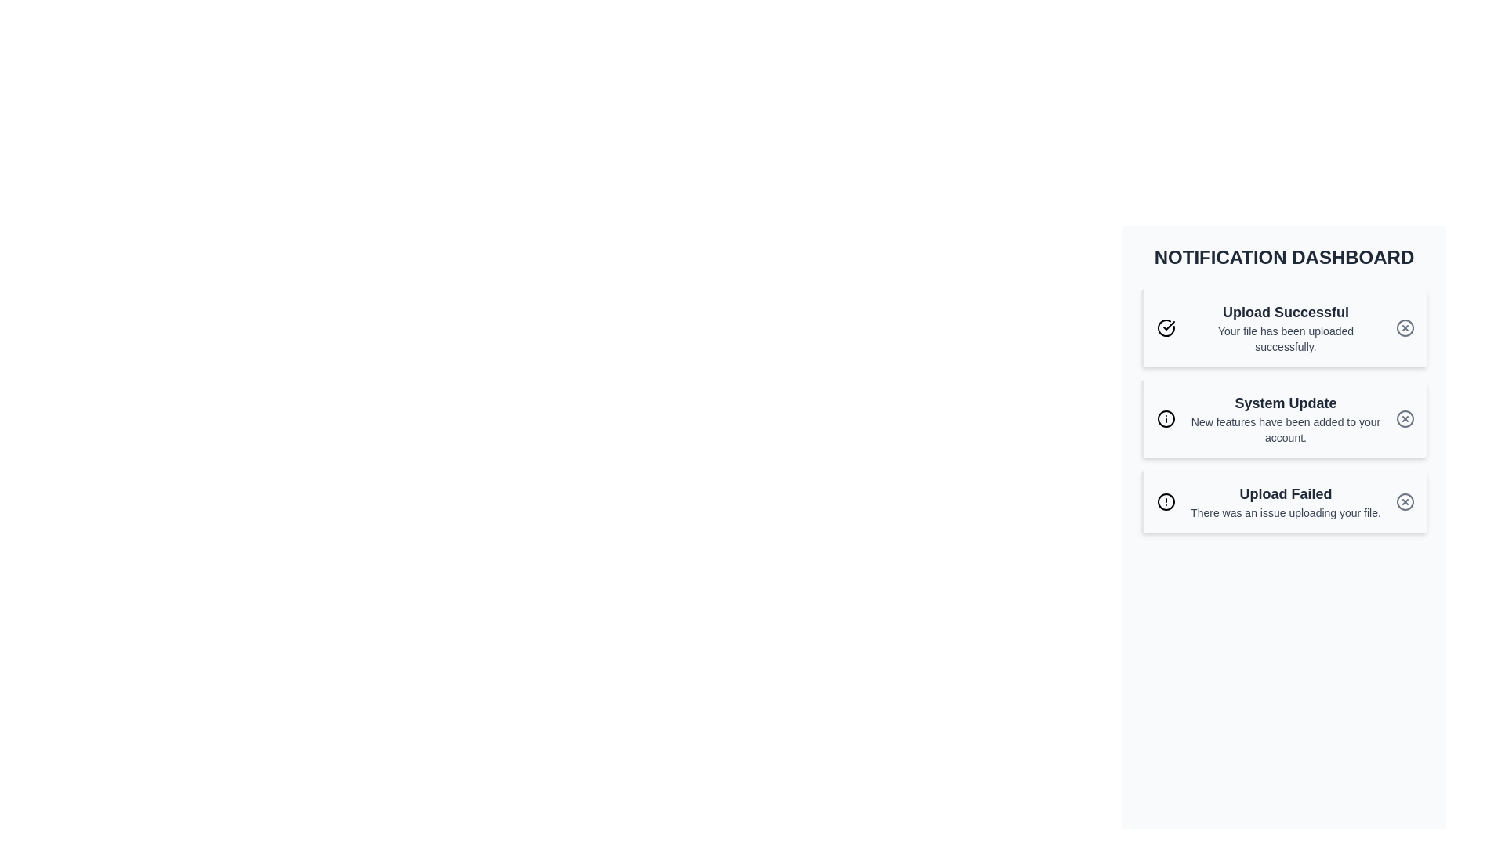 The image size is (1505, 846). What do you see at coordinates (1405, 501) in the screenshot?
I see `the SVG circle in the 'Upload Failed' notification card` at bounding box center [1405, 501].